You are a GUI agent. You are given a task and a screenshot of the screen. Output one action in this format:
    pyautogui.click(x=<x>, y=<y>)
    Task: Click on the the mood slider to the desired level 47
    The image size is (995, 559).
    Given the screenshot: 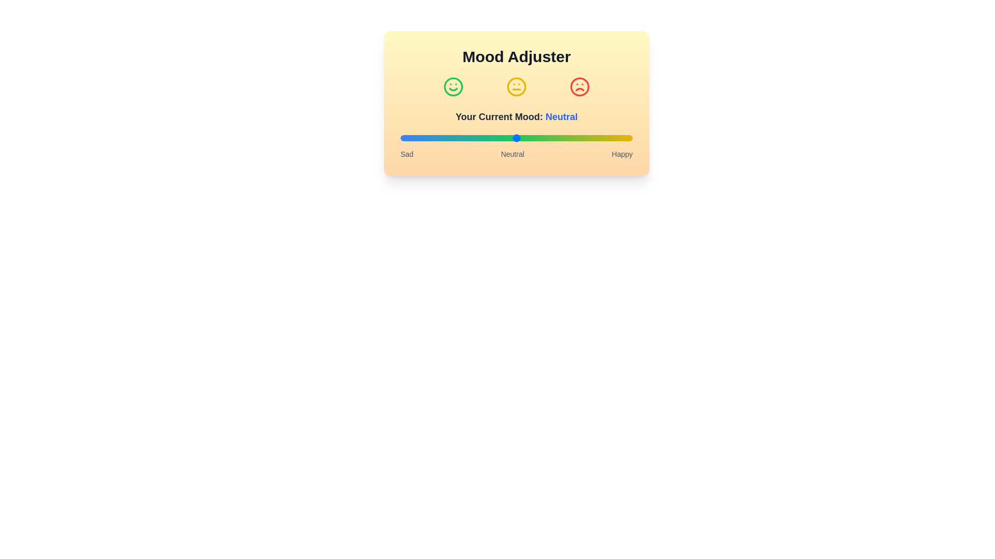 What is the action you would take?
    pyautogui.click(x=509, y=137)
    